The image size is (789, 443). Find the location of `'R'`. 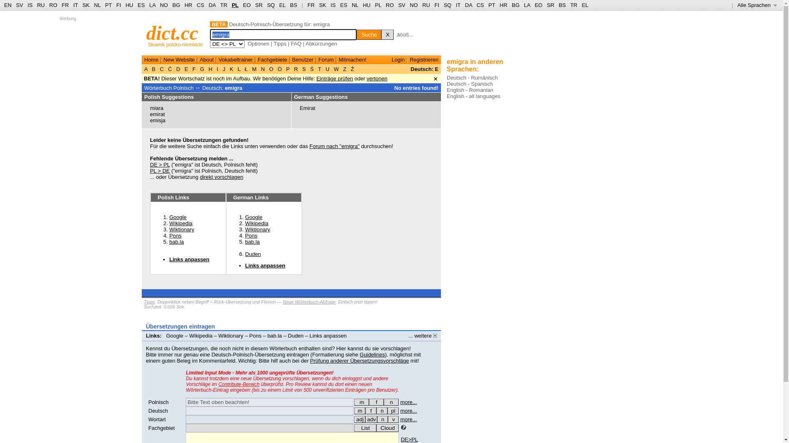

'R' is located at coordinates (296, 69).